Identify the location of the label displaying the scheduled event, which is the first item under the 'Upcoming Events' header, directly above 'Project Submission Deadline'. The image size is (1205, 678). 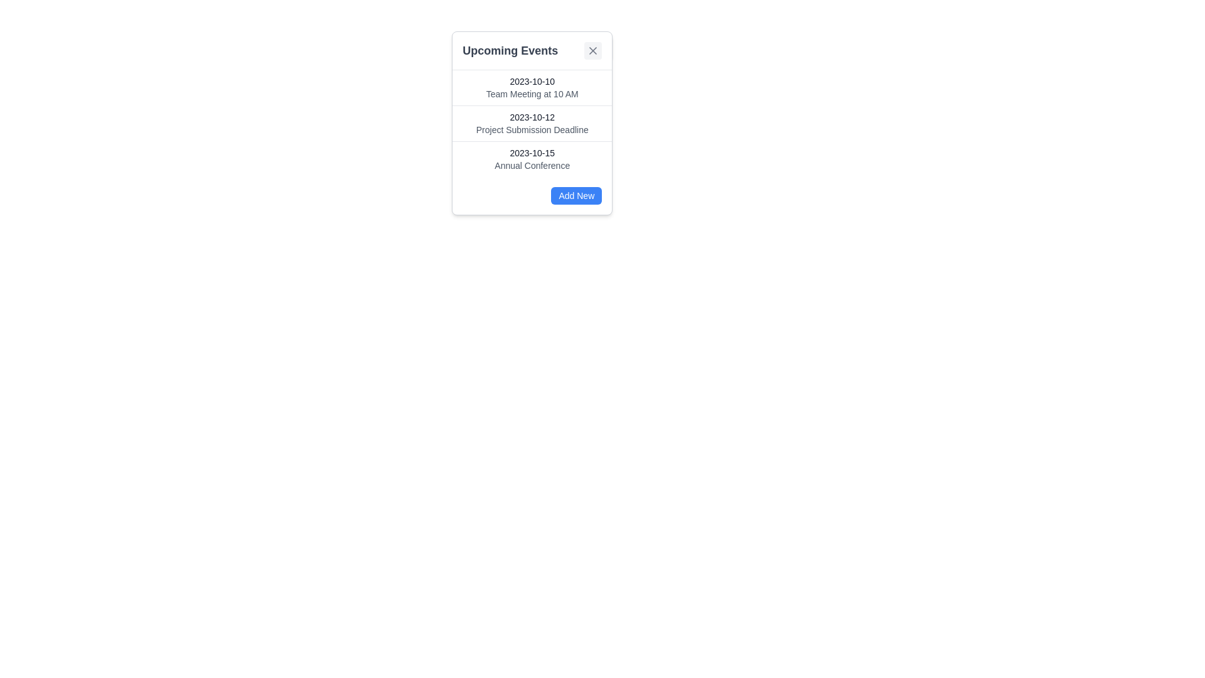
(532, 87).